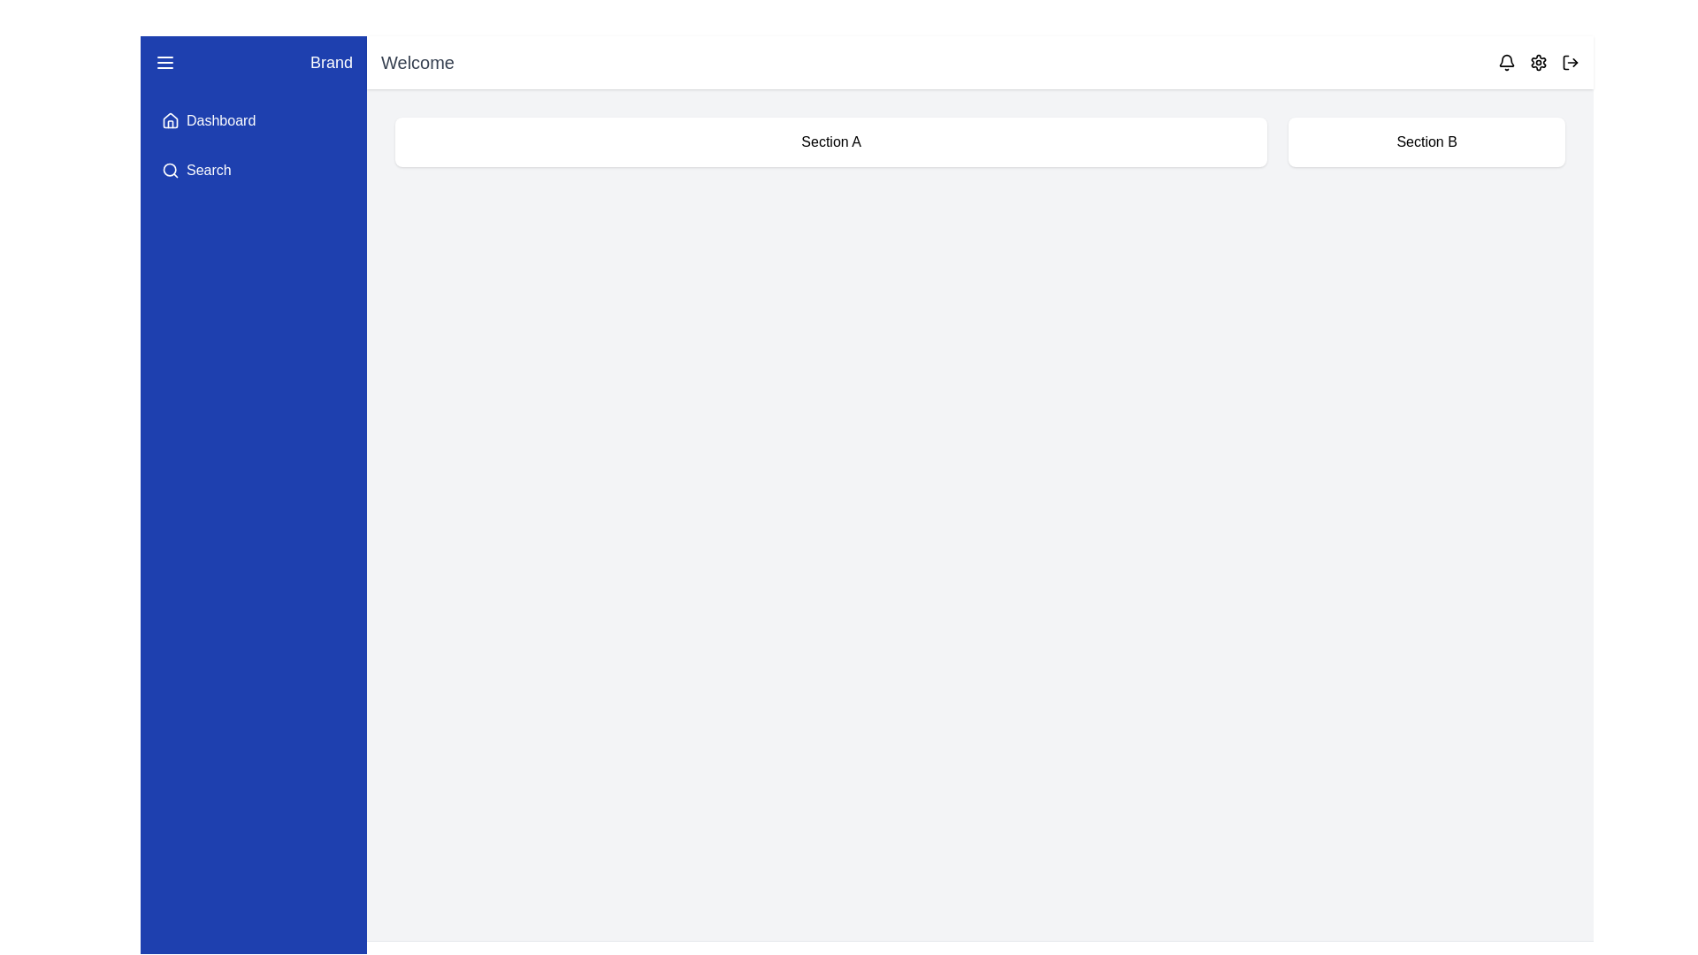 This screenshot has height=955, width=1698. I want to click on the logout icon button, which is a small icon with an arrow pointing out of a rectangle, located in the upper right corner of the interface, so click(1571, 61).